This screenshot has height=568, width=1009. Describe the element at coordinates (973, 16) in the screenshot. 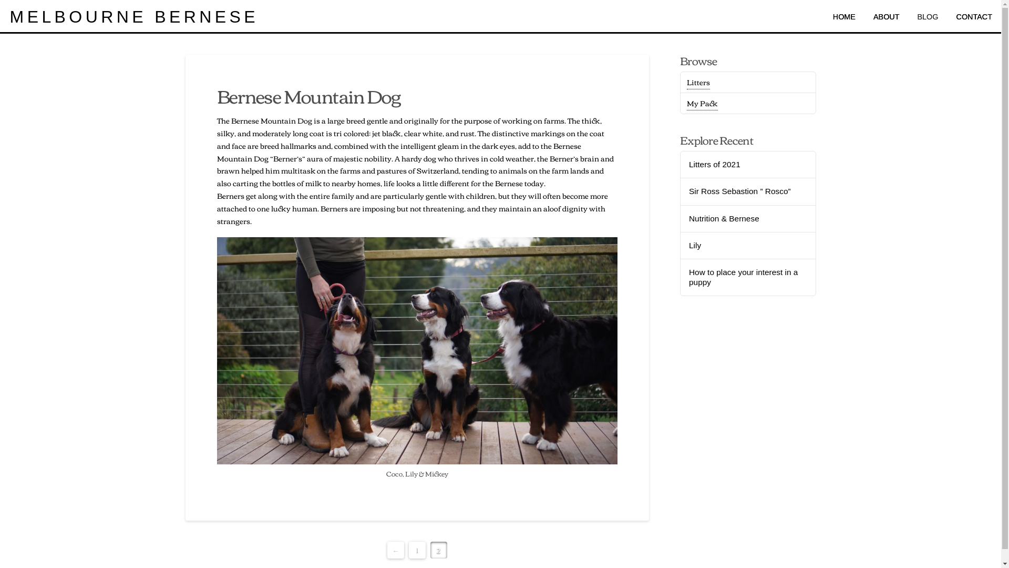

I see `'CONTACT'` at that location.